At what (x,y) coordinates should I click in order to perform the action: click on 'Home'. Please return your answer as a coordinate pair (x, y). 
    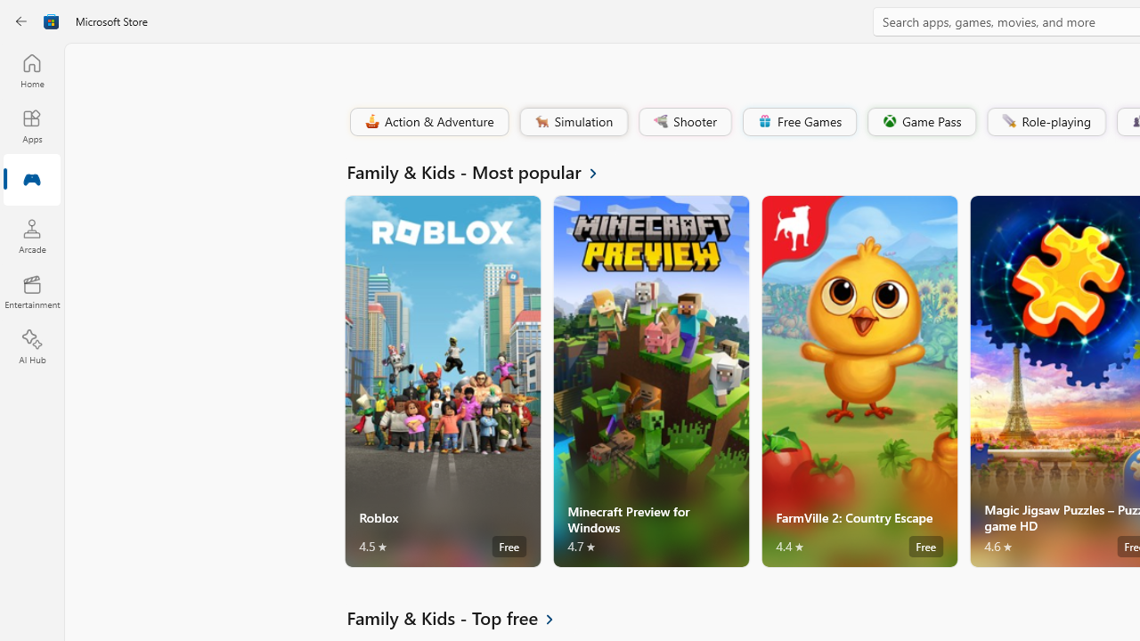
    Looking at the image, I should click on (31, 69).